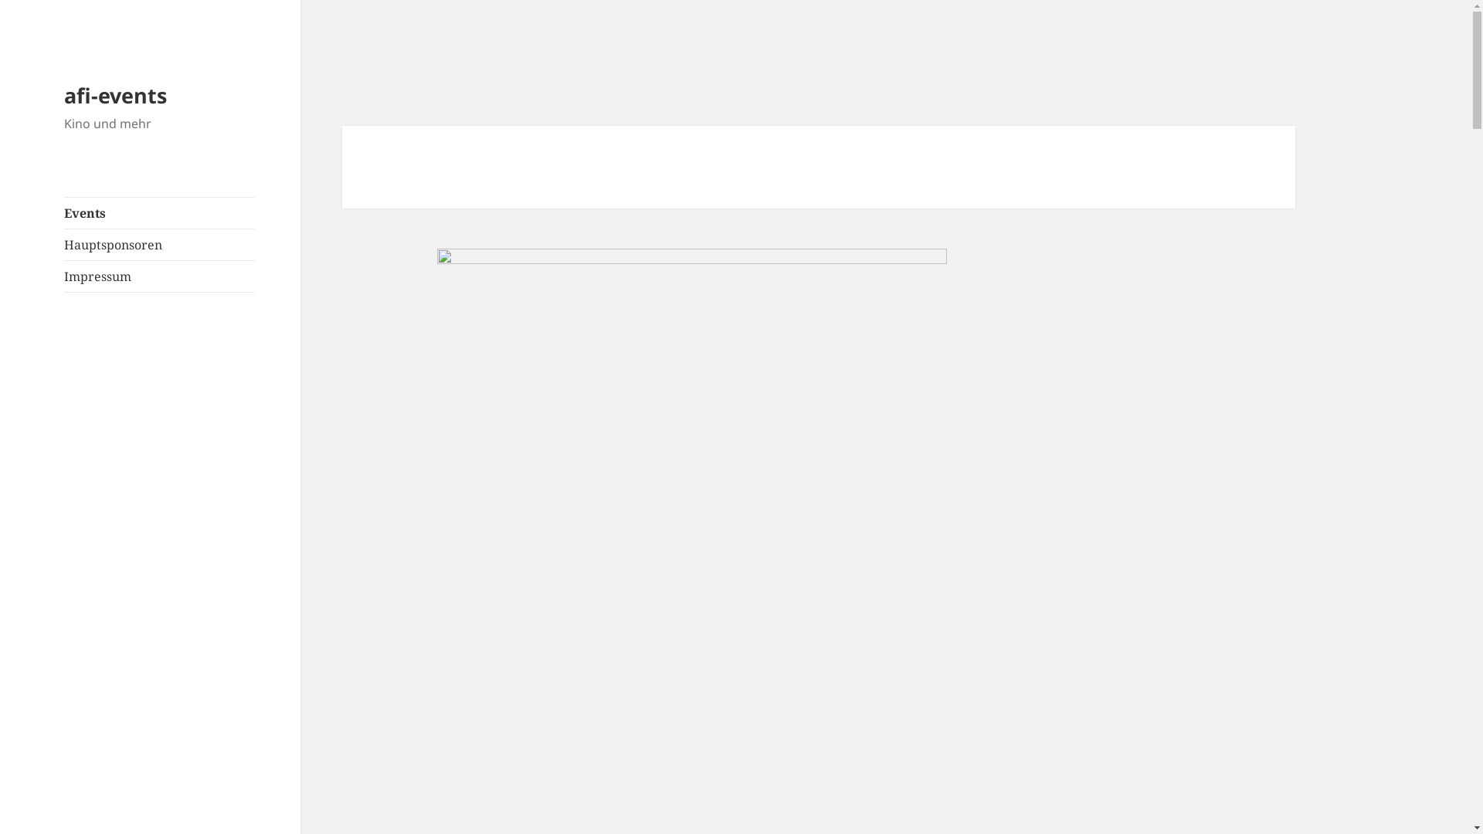  I want to click on 'Hauptsponsoren', so click(159, 243).